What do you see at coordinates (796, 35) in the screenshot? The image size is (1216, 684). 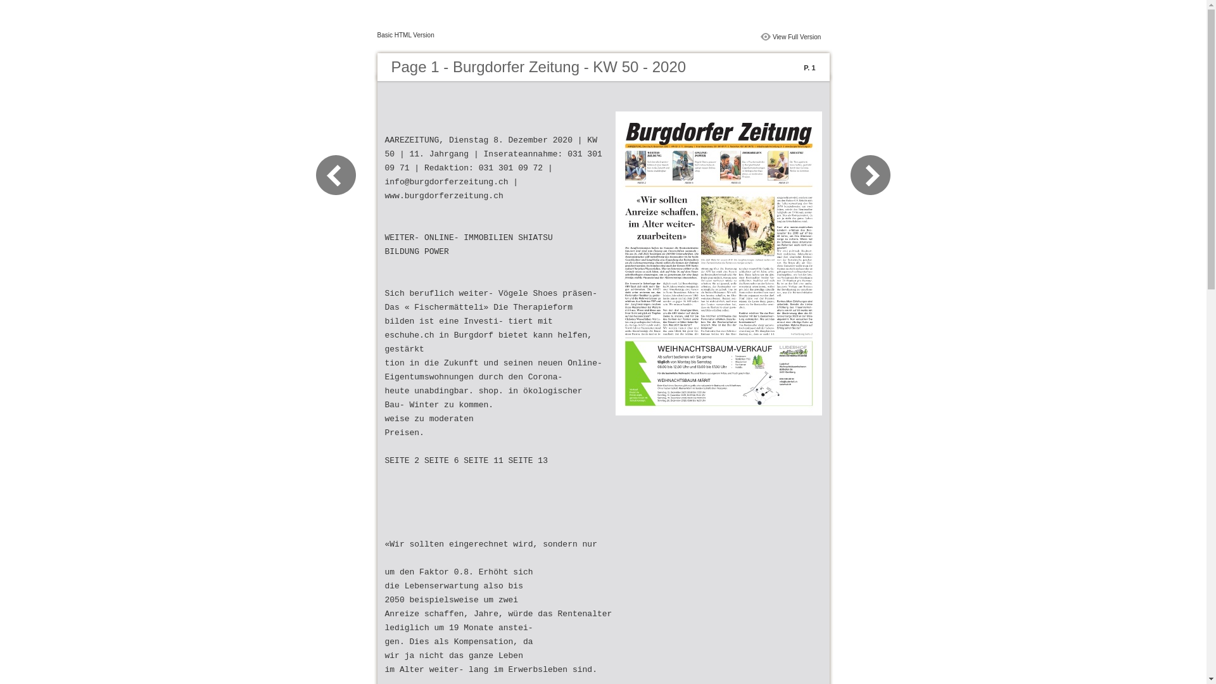 I see `'View Full Version'` at bounding box center [796, 35].